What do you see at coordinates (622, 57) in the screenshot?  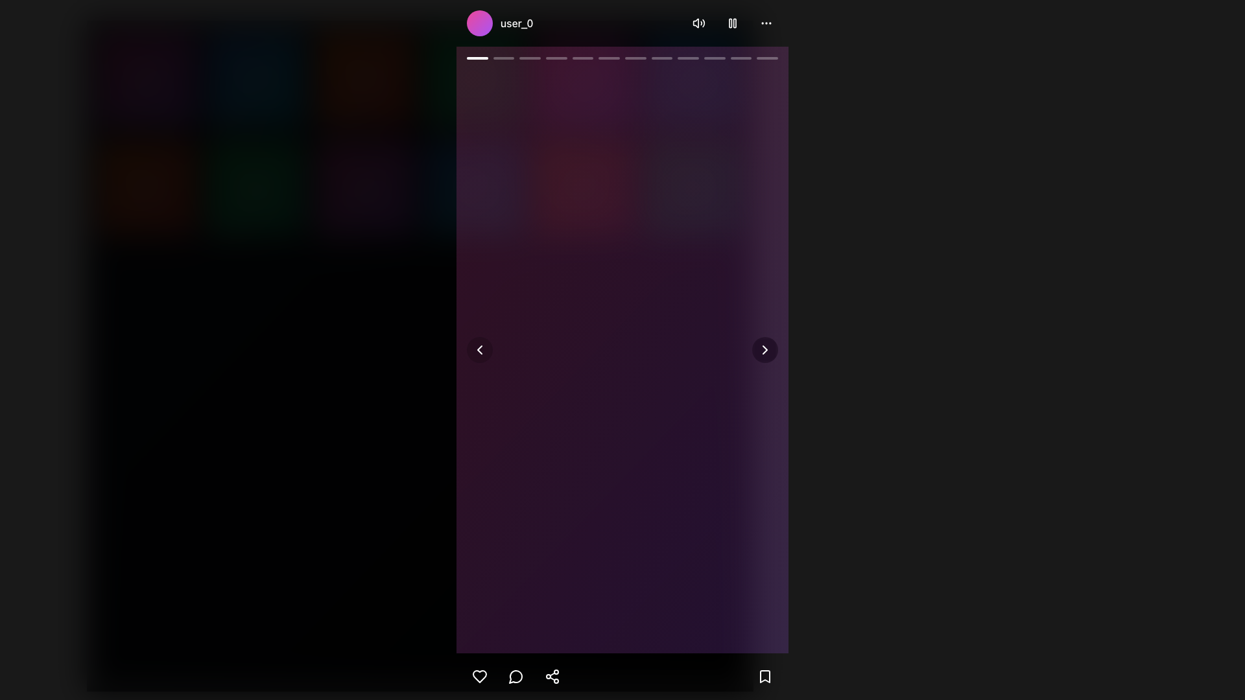 I see `the Progress indicator bar located at the top center of the interface, which consists of multiple short segments styled as narrow, rounded rectangles with alternating colors to indicate progression` at bounding box center [622, 57].